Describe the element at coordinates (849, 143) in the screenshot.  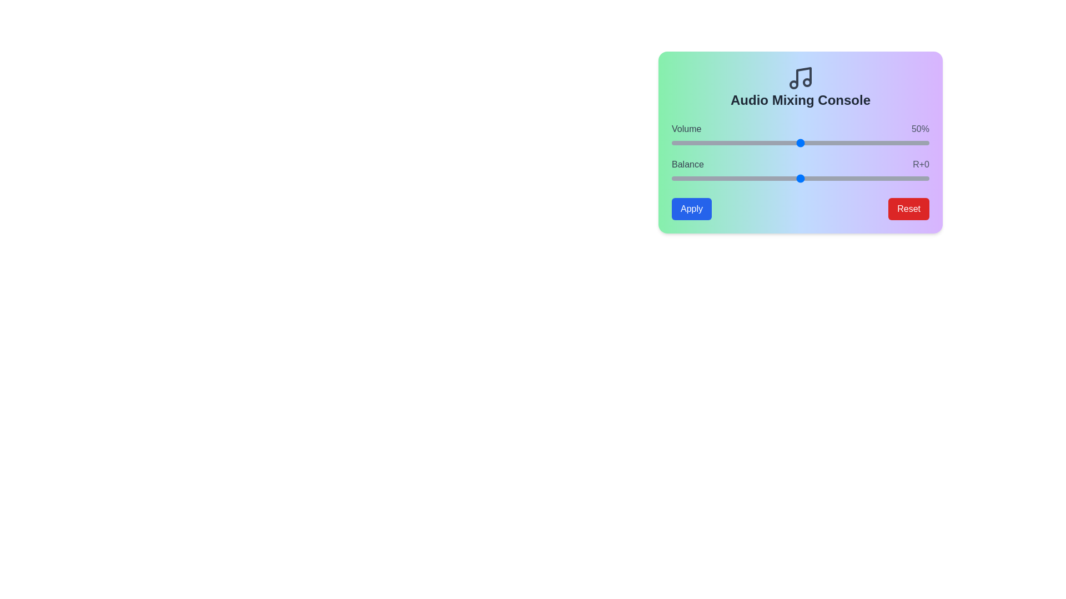
I see `the slider` at that location.